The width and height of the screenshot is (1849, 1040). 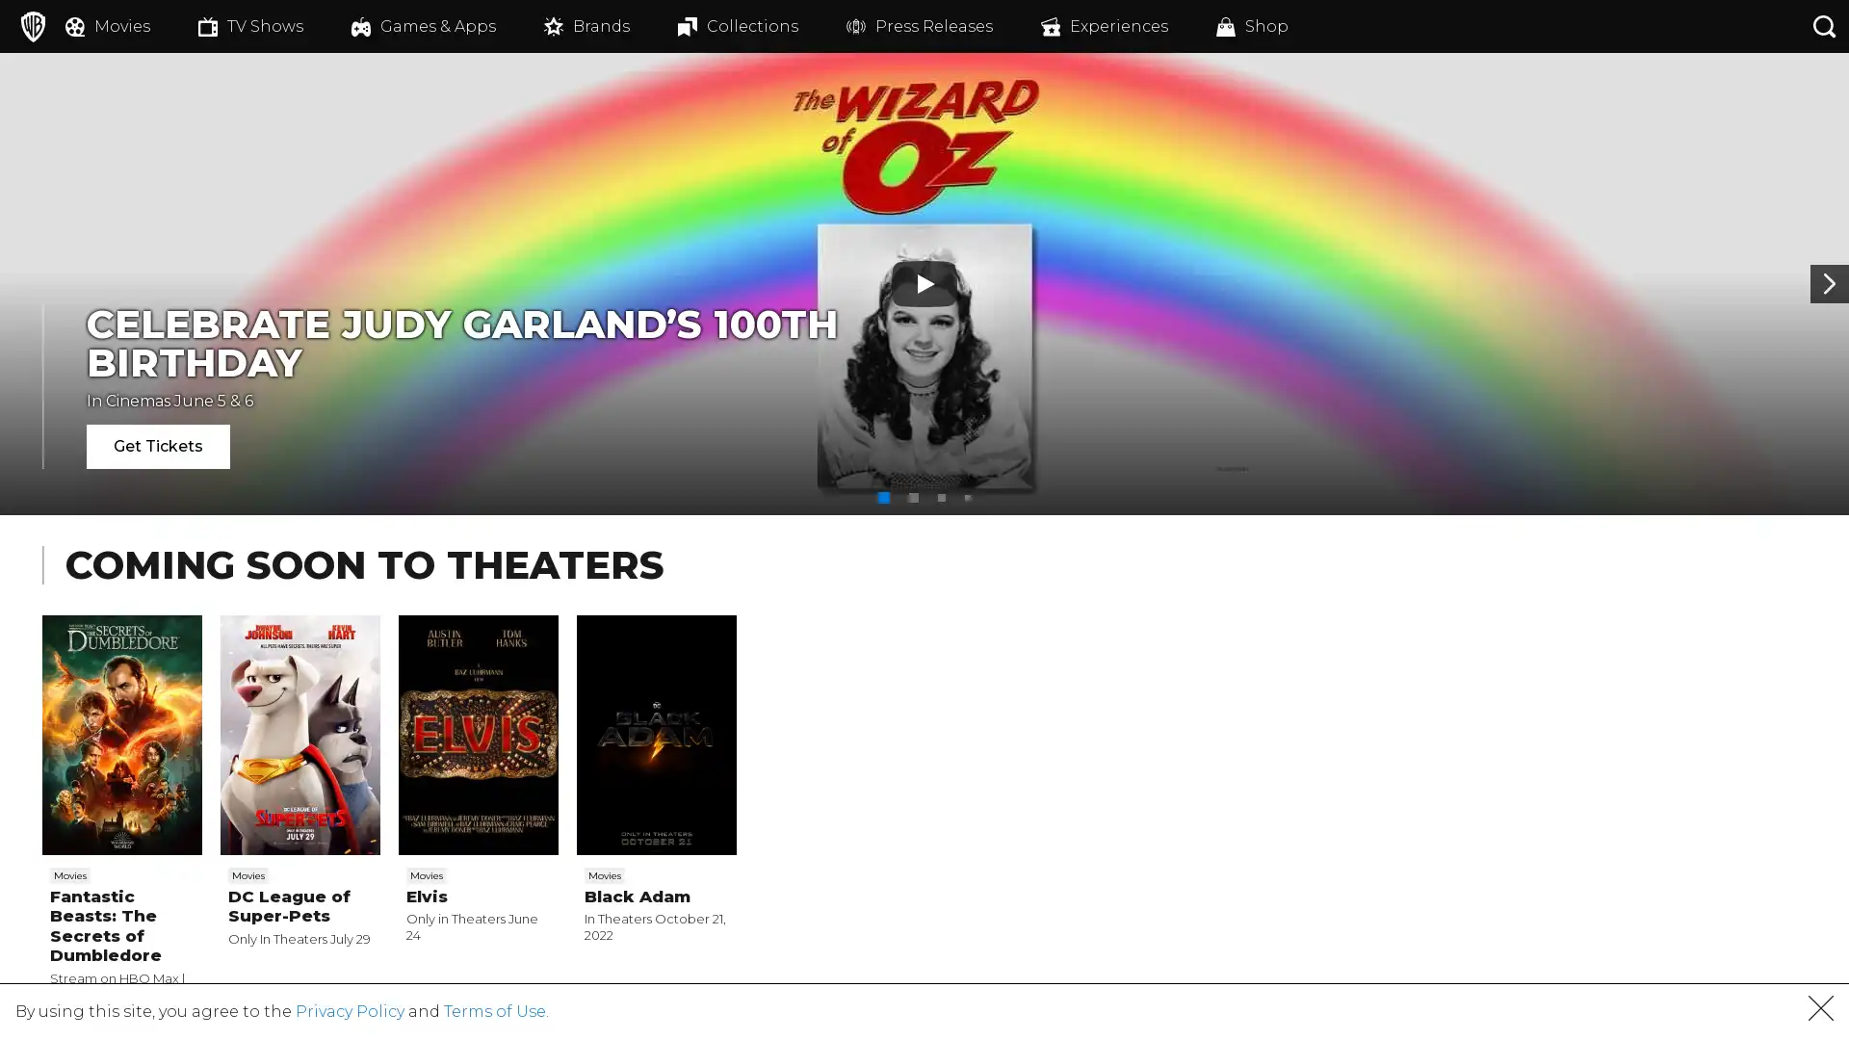 What do you see at coordinates (882, 496) in the screenshot?
I see `Banner 1` at bounding box center [882, 496].